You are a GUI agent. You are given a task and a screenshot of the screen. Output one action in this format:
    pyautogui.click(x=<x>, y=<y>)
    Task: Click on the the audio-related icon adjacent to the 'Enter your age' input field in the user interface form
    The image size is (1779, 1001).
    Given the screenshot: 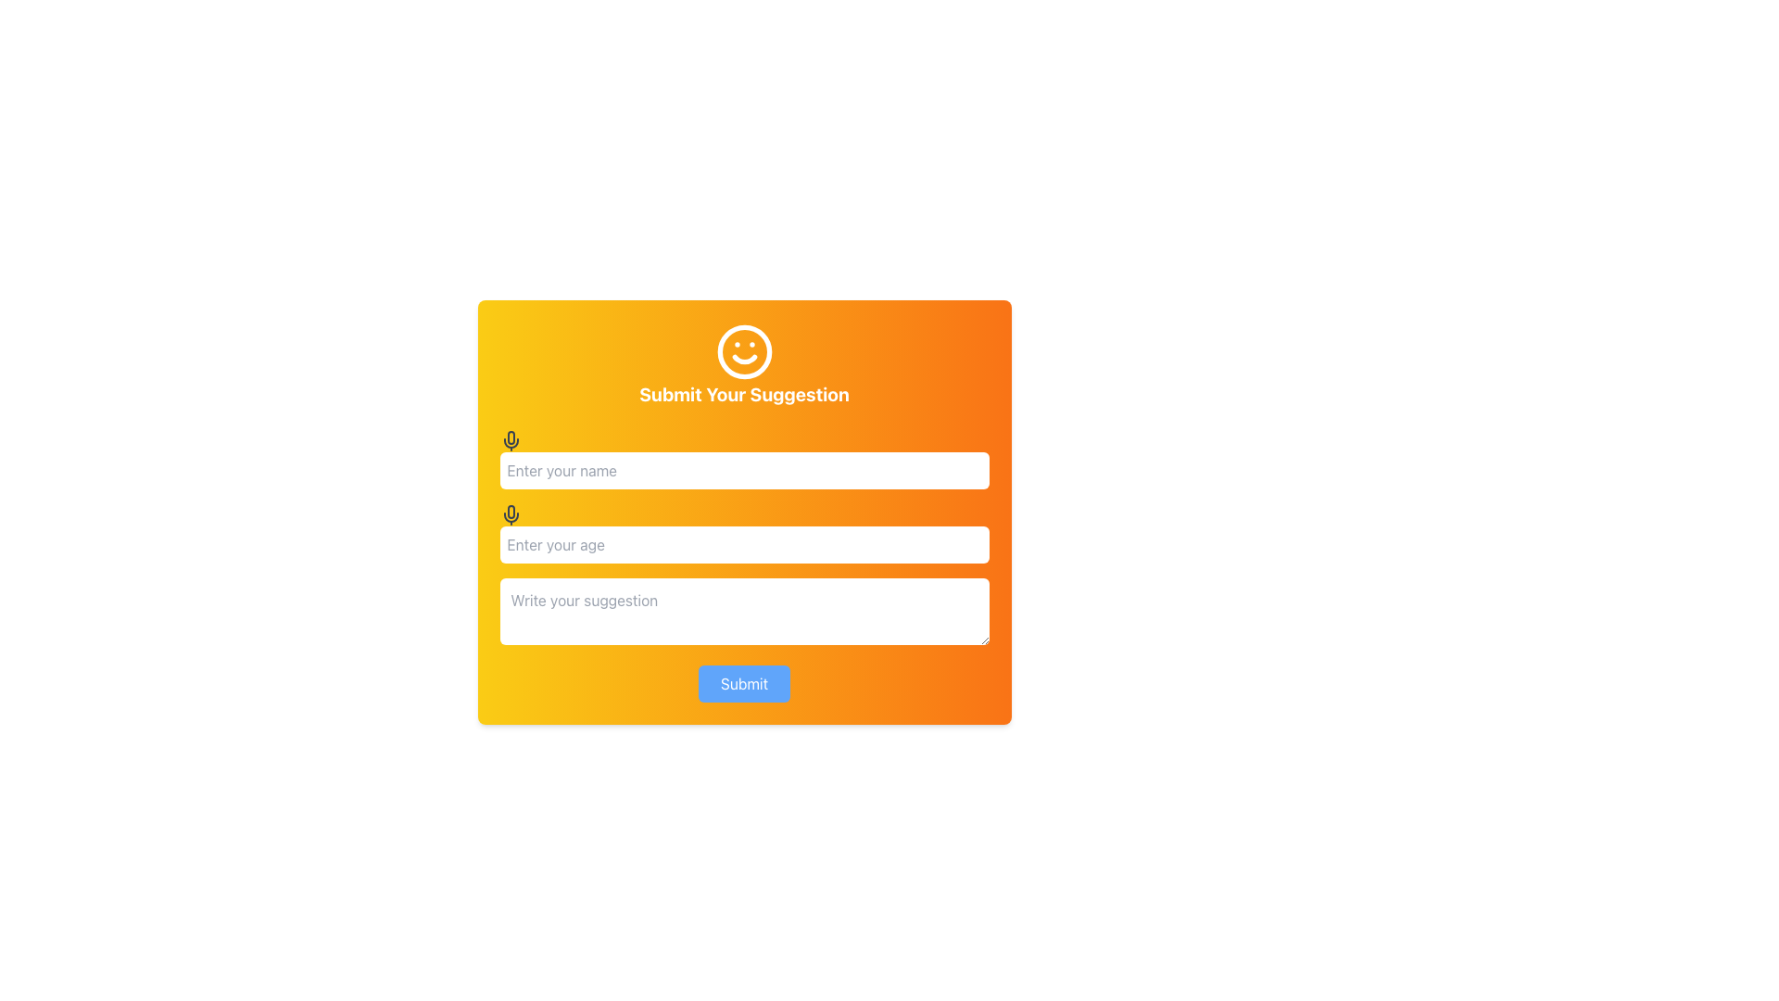 What is the action you would take?
    pyautogui.click(x=511, y=517)
    